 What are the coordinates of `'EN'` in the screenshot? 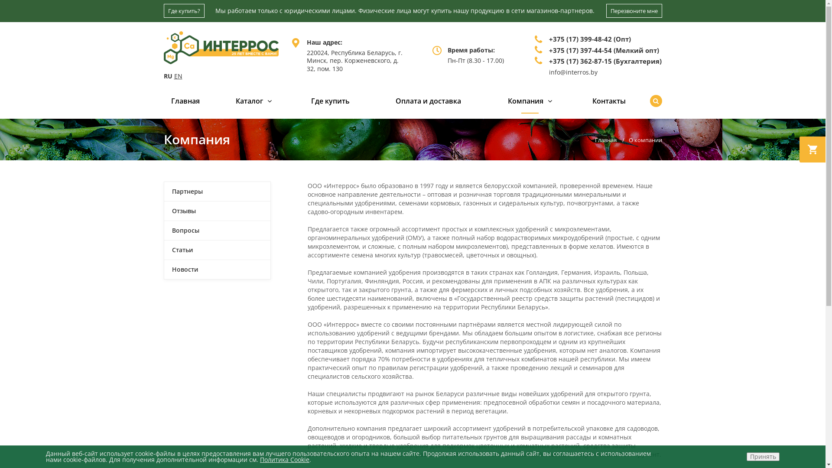 It's located at (174, 75).